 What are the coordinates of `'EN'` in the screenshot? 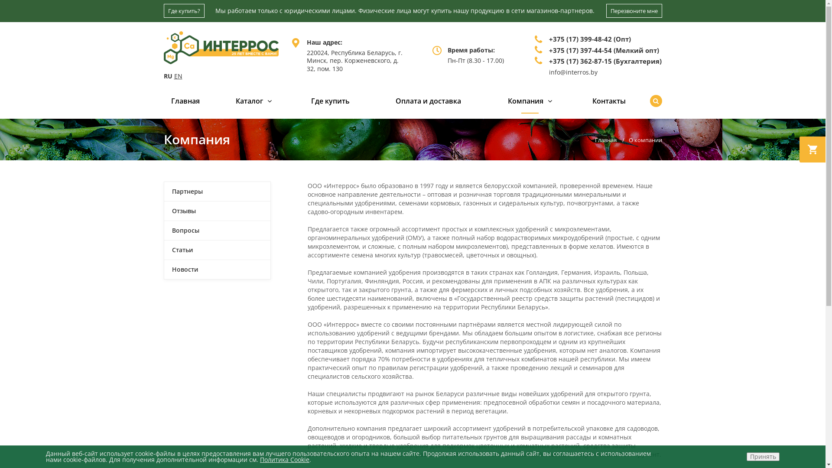 It's located at (174, 75).